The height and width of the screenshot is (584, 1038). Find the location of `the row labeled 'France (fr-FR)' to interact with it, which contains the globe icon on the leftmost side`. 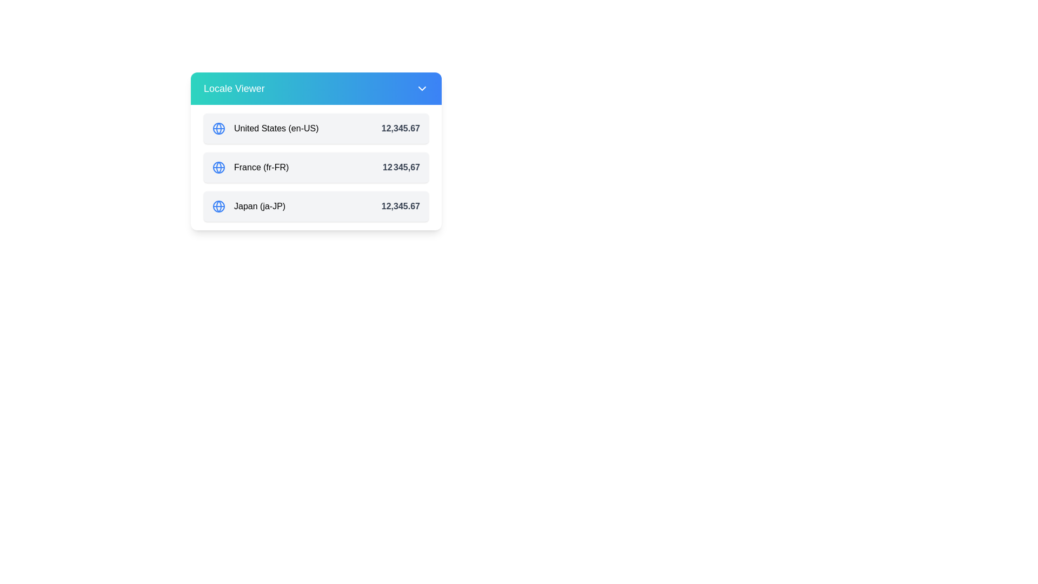

the row labeled 'France (fr-FR)' to interact with it, which contains the globe icon on the leftmost side is located at coordinates (218, 167).